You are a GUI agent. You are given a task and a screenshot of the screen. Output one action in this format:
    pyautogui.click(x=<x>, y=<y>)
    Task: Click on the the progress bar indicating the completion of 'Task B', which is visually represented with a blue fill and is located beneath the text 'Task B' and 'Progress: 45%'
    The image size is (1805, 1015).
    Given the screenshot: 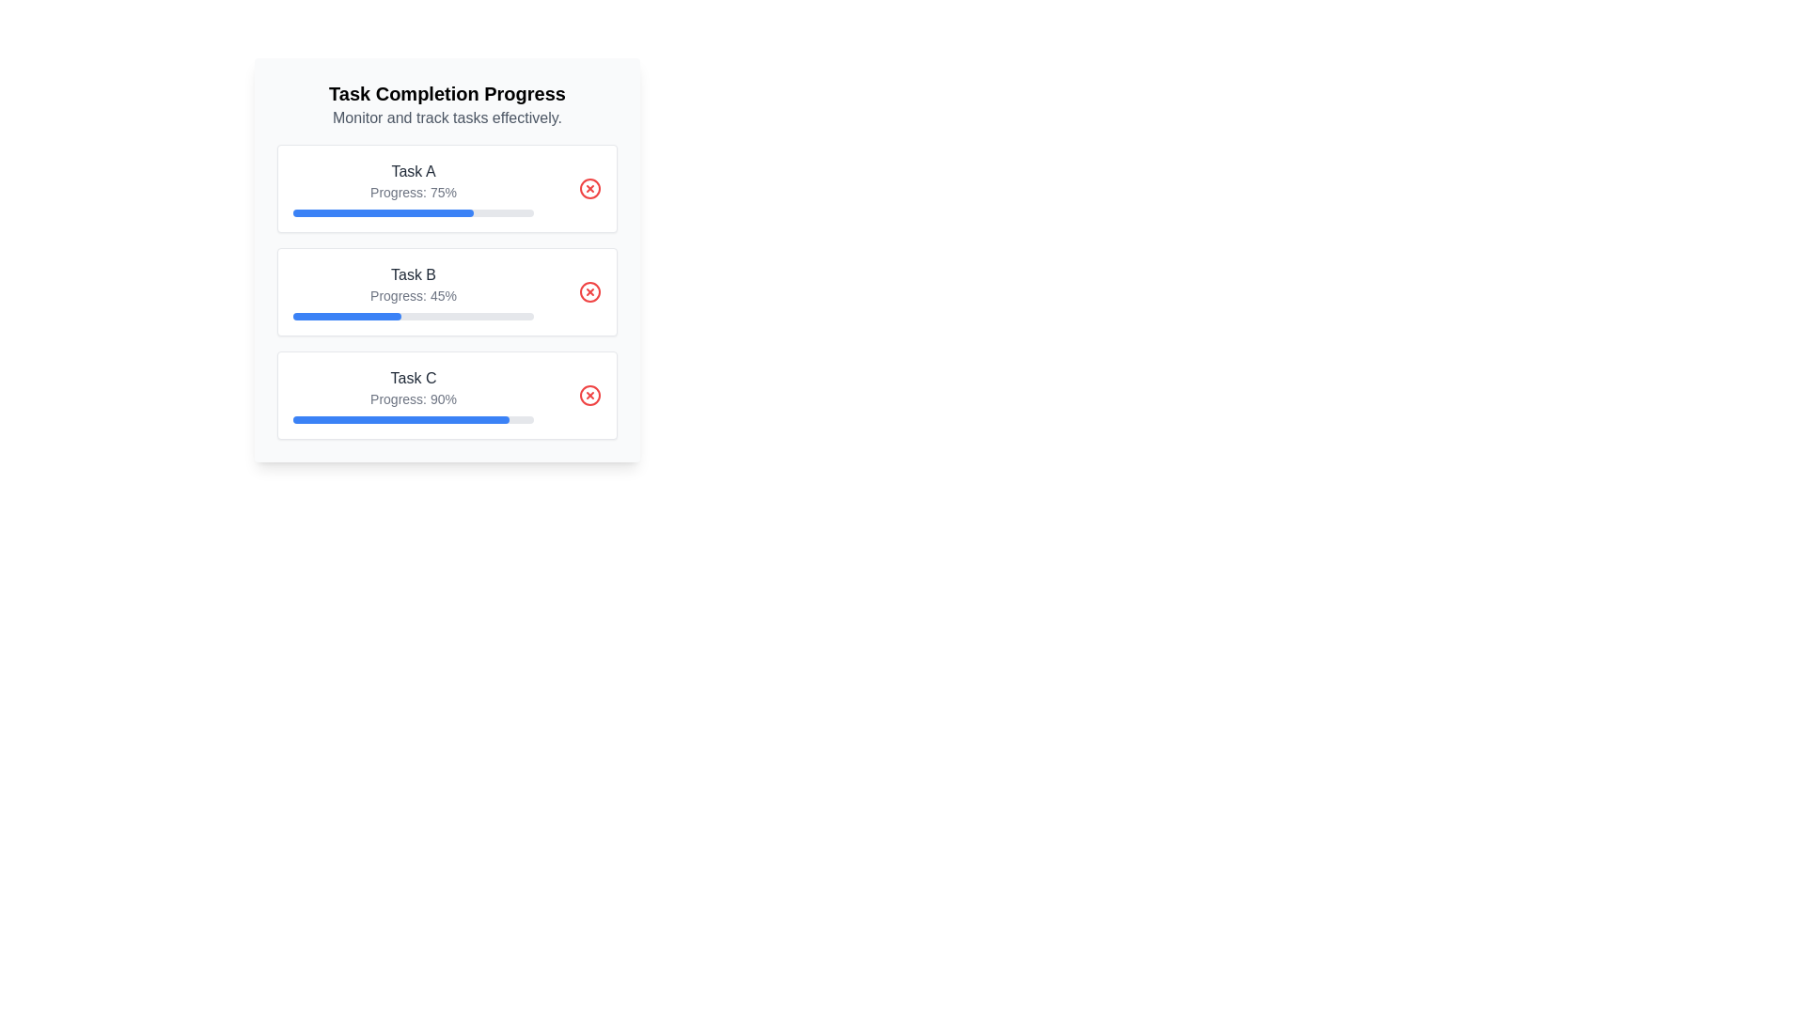 What is the action you would take?
    pyautogui.click(x=413, y=315)
    